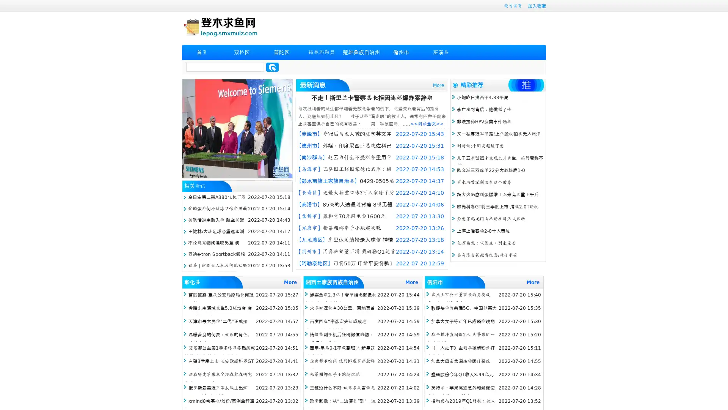  What do you see at coordinates (272, 67) in the screenshot?
I see `Search` at bounding box center [272, 67].